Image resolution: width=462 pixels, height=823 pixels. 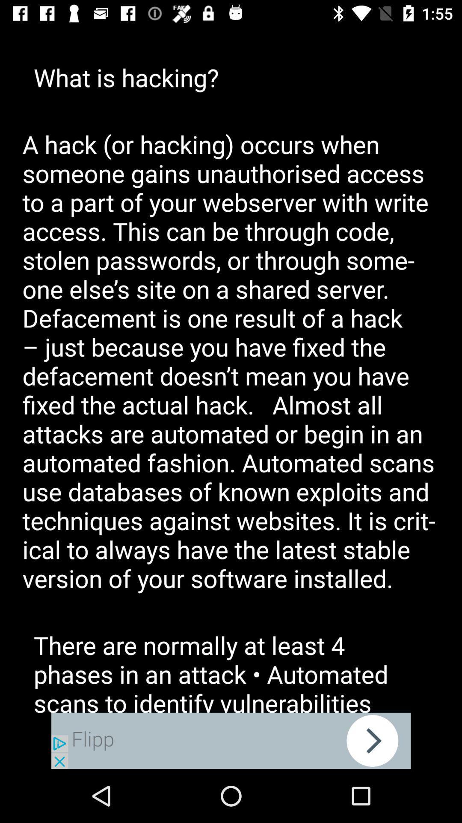 I want to click on pop up advertisement, so click(x=231, y=740).